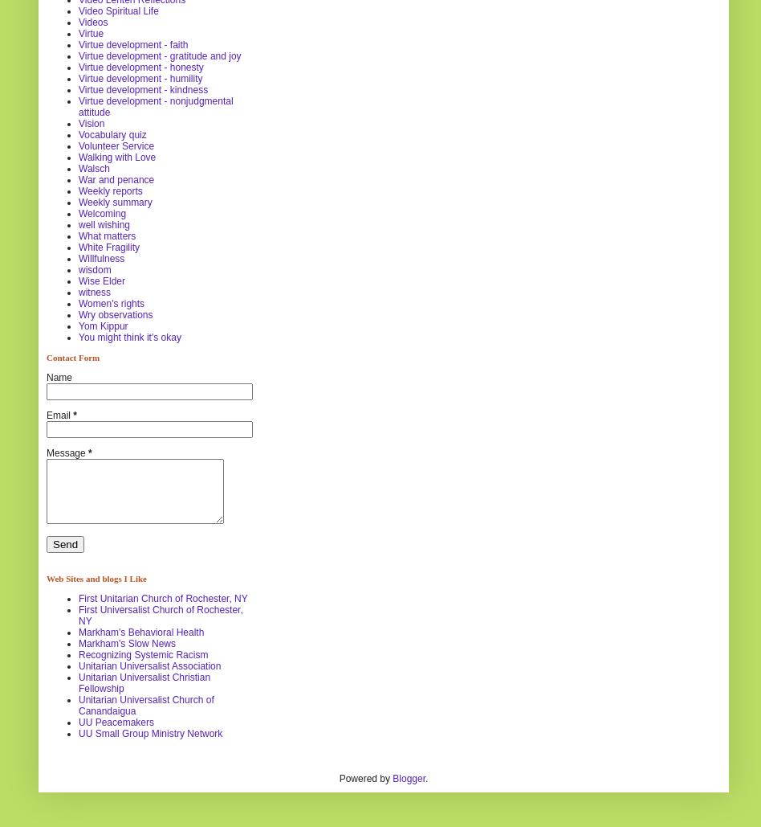 The width and height of the screenshot is (761, 827). Describe the element at coordinates (409, 776) in the screenshot. I see `'Blogger'` at that location.